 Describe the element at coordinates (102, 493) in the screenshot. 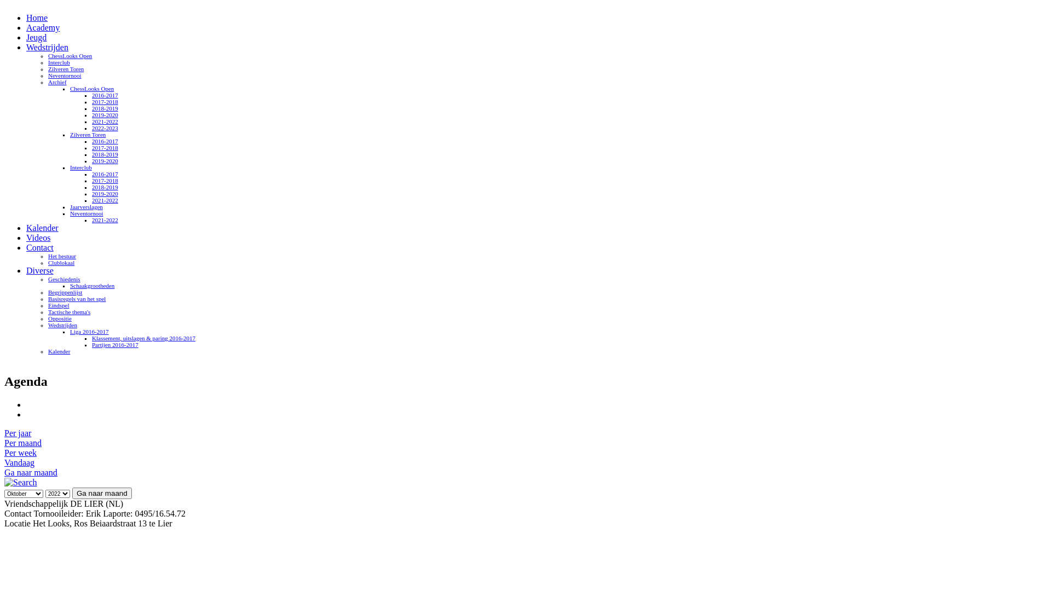

I see `'Ga naar maand'` at that location.